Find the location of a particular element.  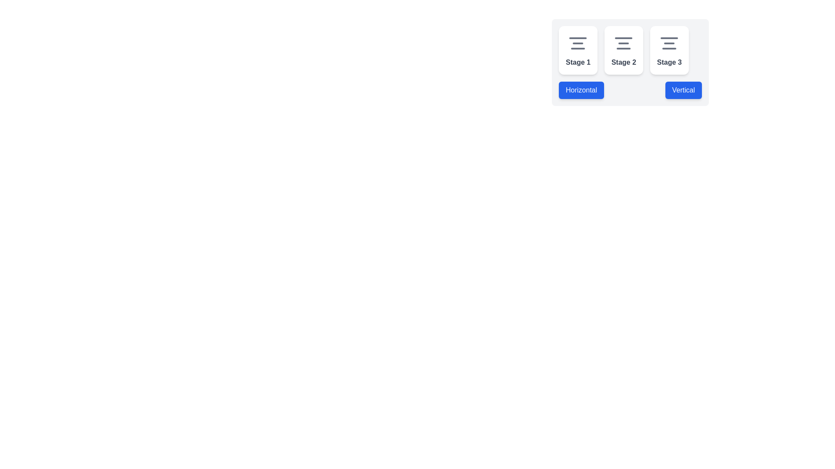

the static text label located beneath the icon in the card labeled 'Stage 3', which is the third card in a row of three on the right side of the interface is located at coordinates (669, 62).